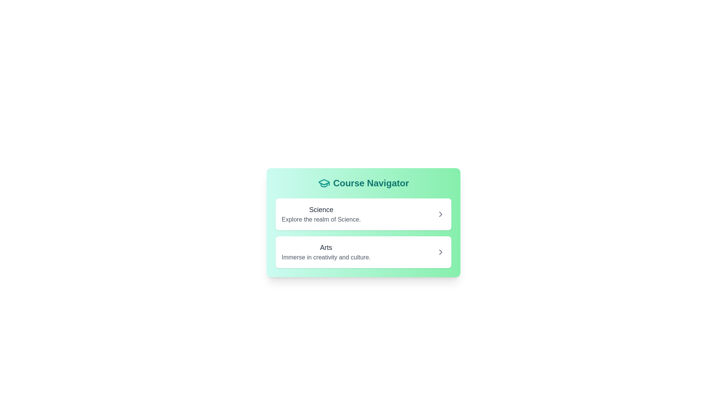 This screenshot has height=409, width=727. Describe the element at coordinates (440, 252) in the screenshot. I see `the right-pointing chevron icon located at the far right end of the 'Arts' section in the menu` at that location.